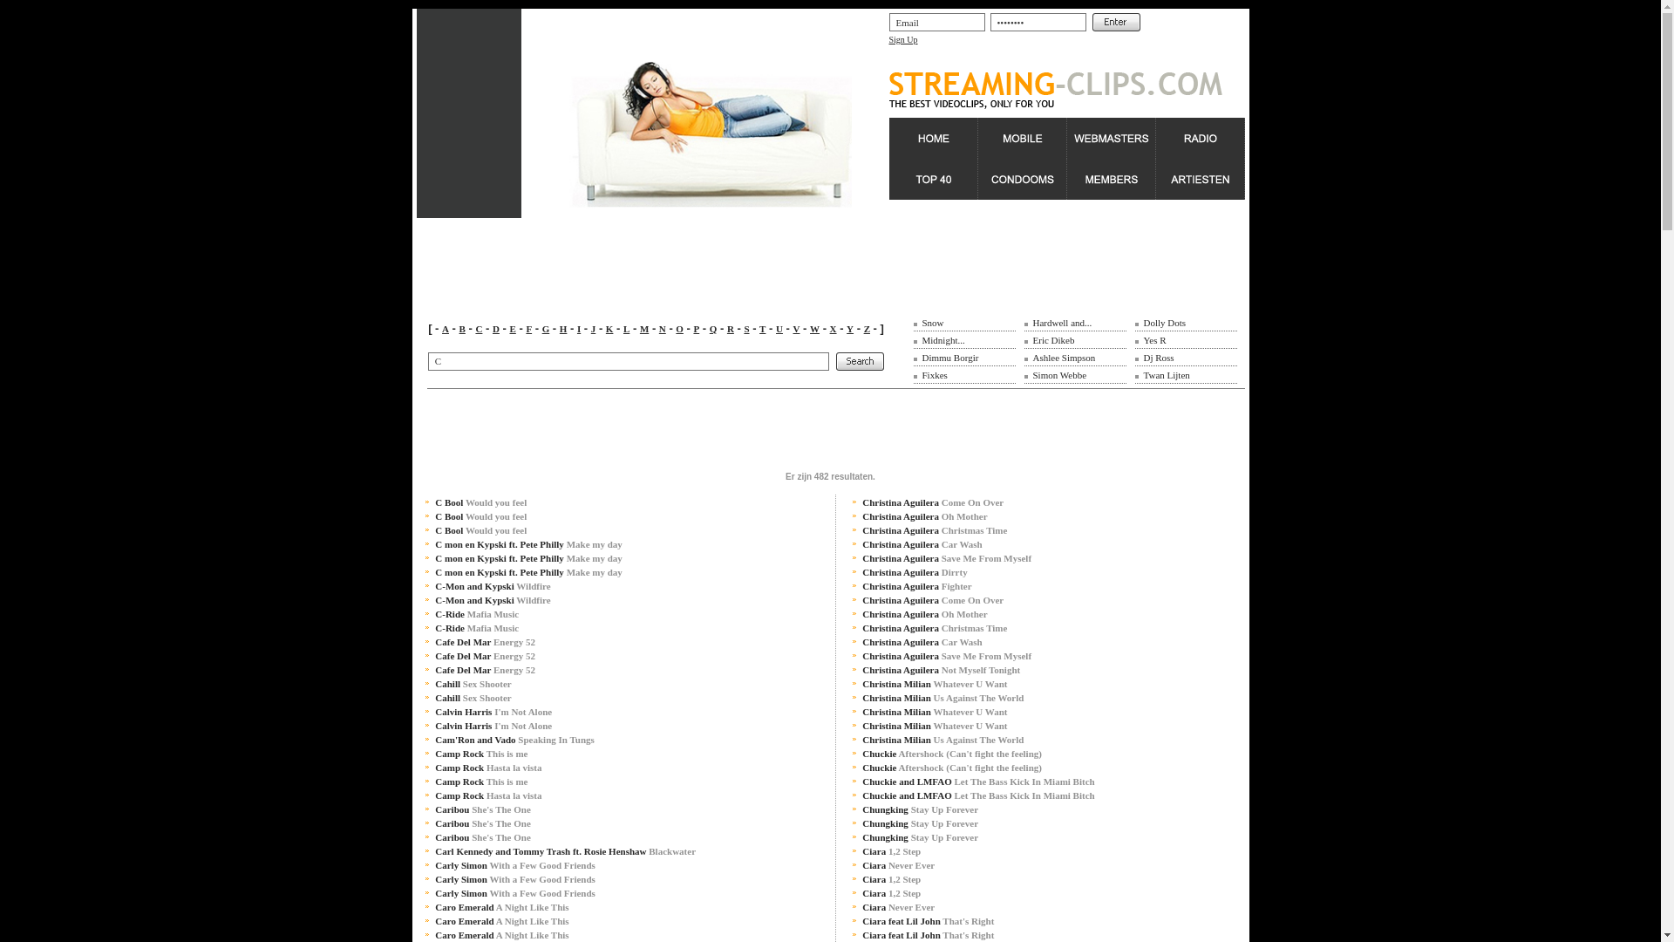 The height and width of the screenshot is (942, 1674). Describe the element at coordinates (514, 740) in the screenshot. I see `'Cam'Ron and Vado Speaking In Tungs'` at that location.